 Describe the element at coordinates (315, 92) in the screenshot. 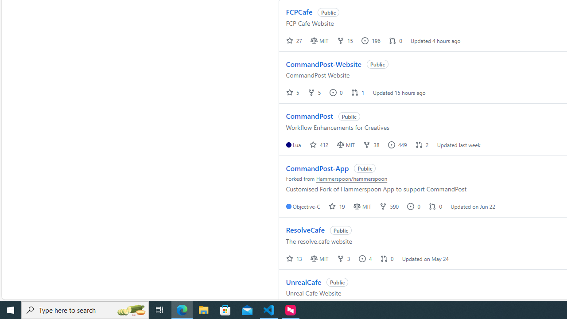

I see `'fork 5 '` at that location.